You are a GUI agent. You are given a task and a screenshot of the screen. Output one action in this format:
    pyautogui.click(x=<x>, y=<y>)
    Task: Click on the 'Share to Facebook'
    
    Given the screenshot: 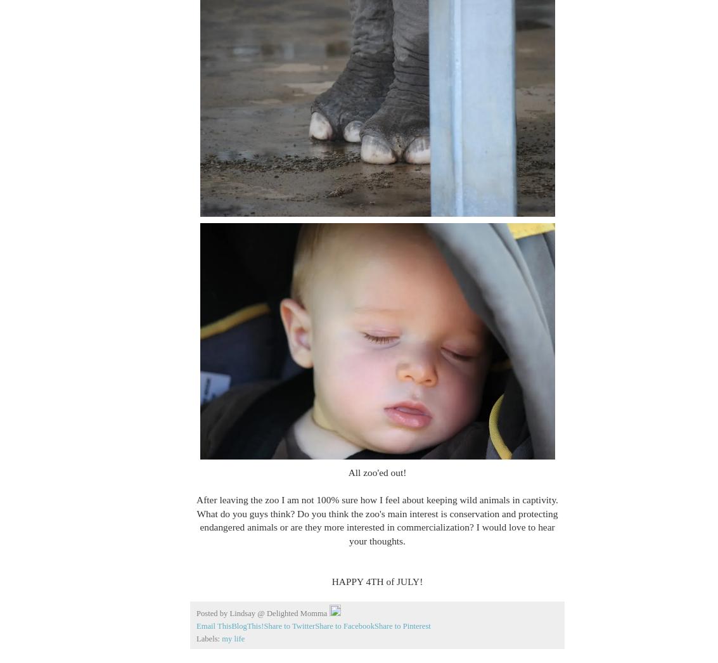 What is the action you would take?
    pyautogui.click(x=315, y=626)
    